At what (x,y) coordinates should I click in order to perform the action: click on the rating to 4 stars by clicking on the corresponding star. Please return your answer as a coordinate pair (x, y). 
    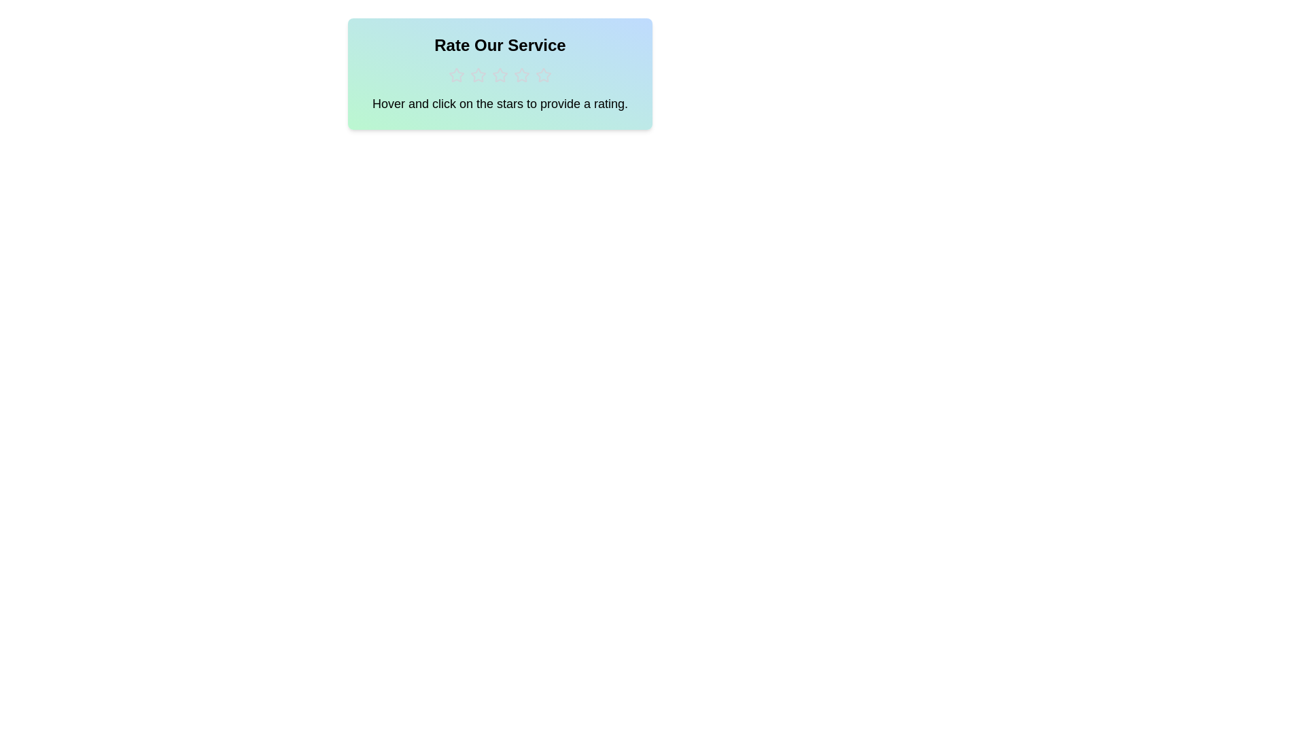
    Looking at the image, I should click on (521, 75).